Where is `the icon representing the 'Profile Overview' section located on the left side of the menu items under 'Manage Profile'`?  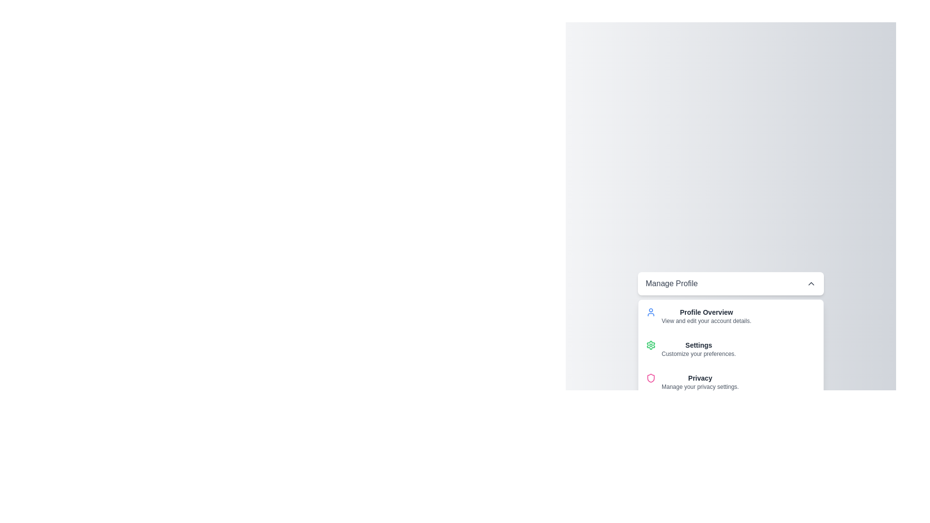
the icon representing the 'Profile Overview' section located on the left side of the menu items under 'Manage Profile' is located at coordinates (651, 312).